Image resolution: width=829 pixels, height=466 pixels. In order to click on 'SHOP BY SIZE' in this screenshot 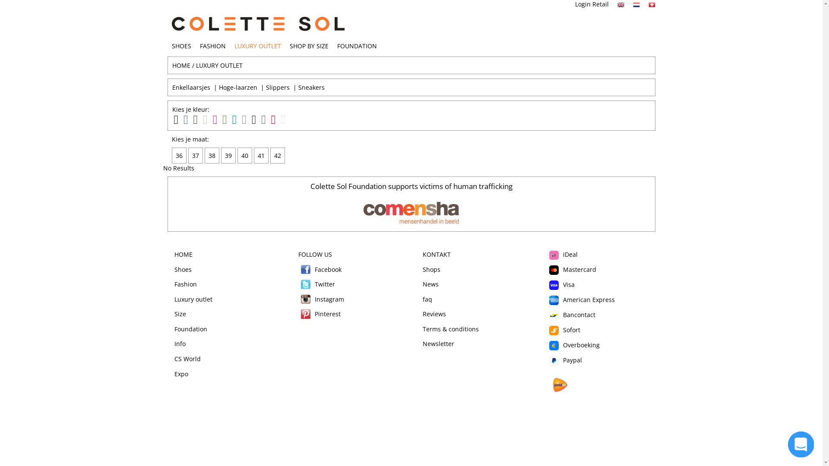, I will do `click(309, 46)`.